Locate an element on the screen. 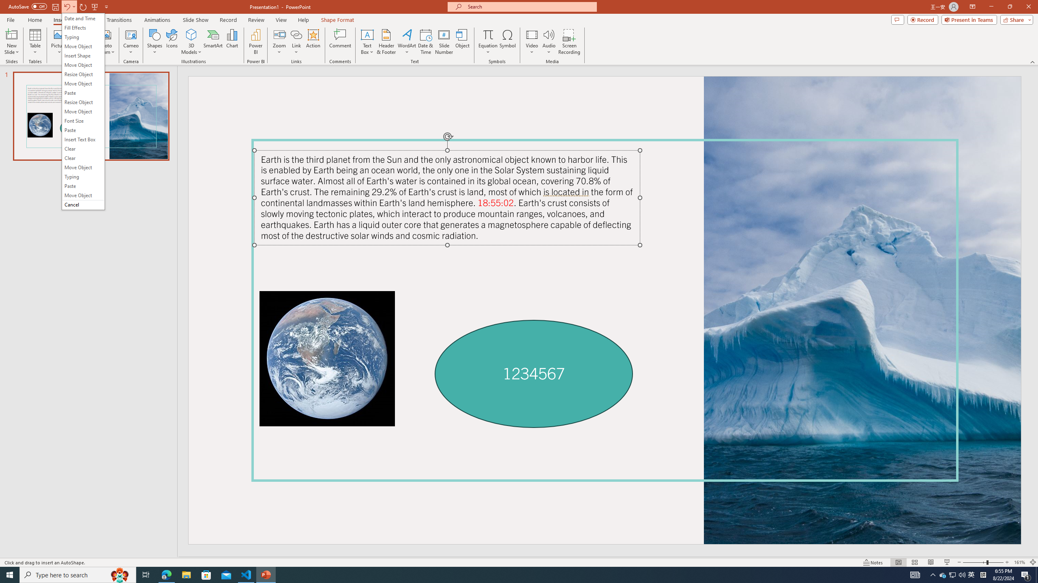 This screenshot has height=583, width=1038. '3D Models' is located at coordinates (191, 42).